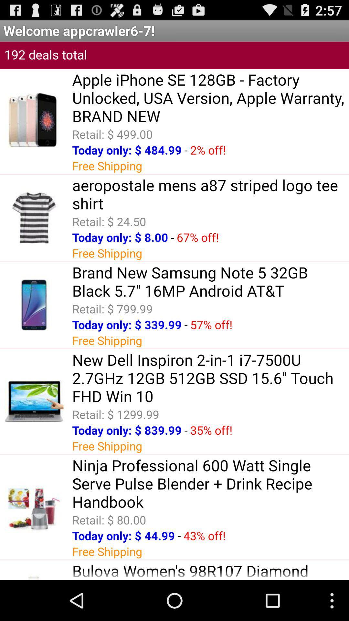 This screenshot has height=621, width=349. I want to click on app to the right of the today only 484 item, so click(186, 149).